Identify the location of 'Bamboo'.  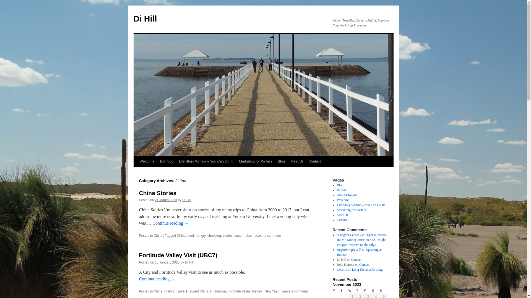
(166, 161).